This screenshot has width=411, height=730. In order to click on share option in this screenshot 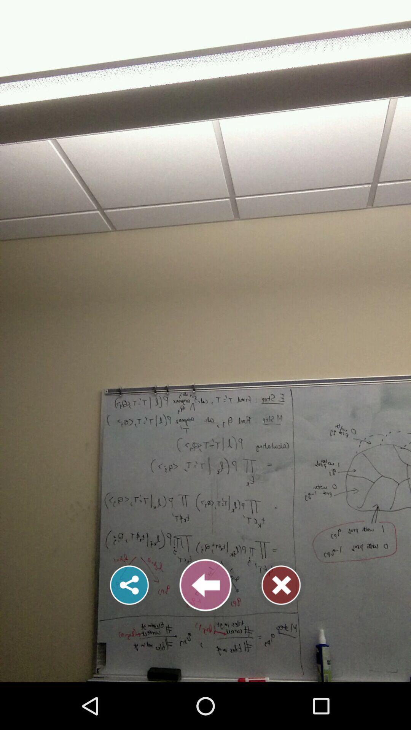, I will do `click(129, 585)`.